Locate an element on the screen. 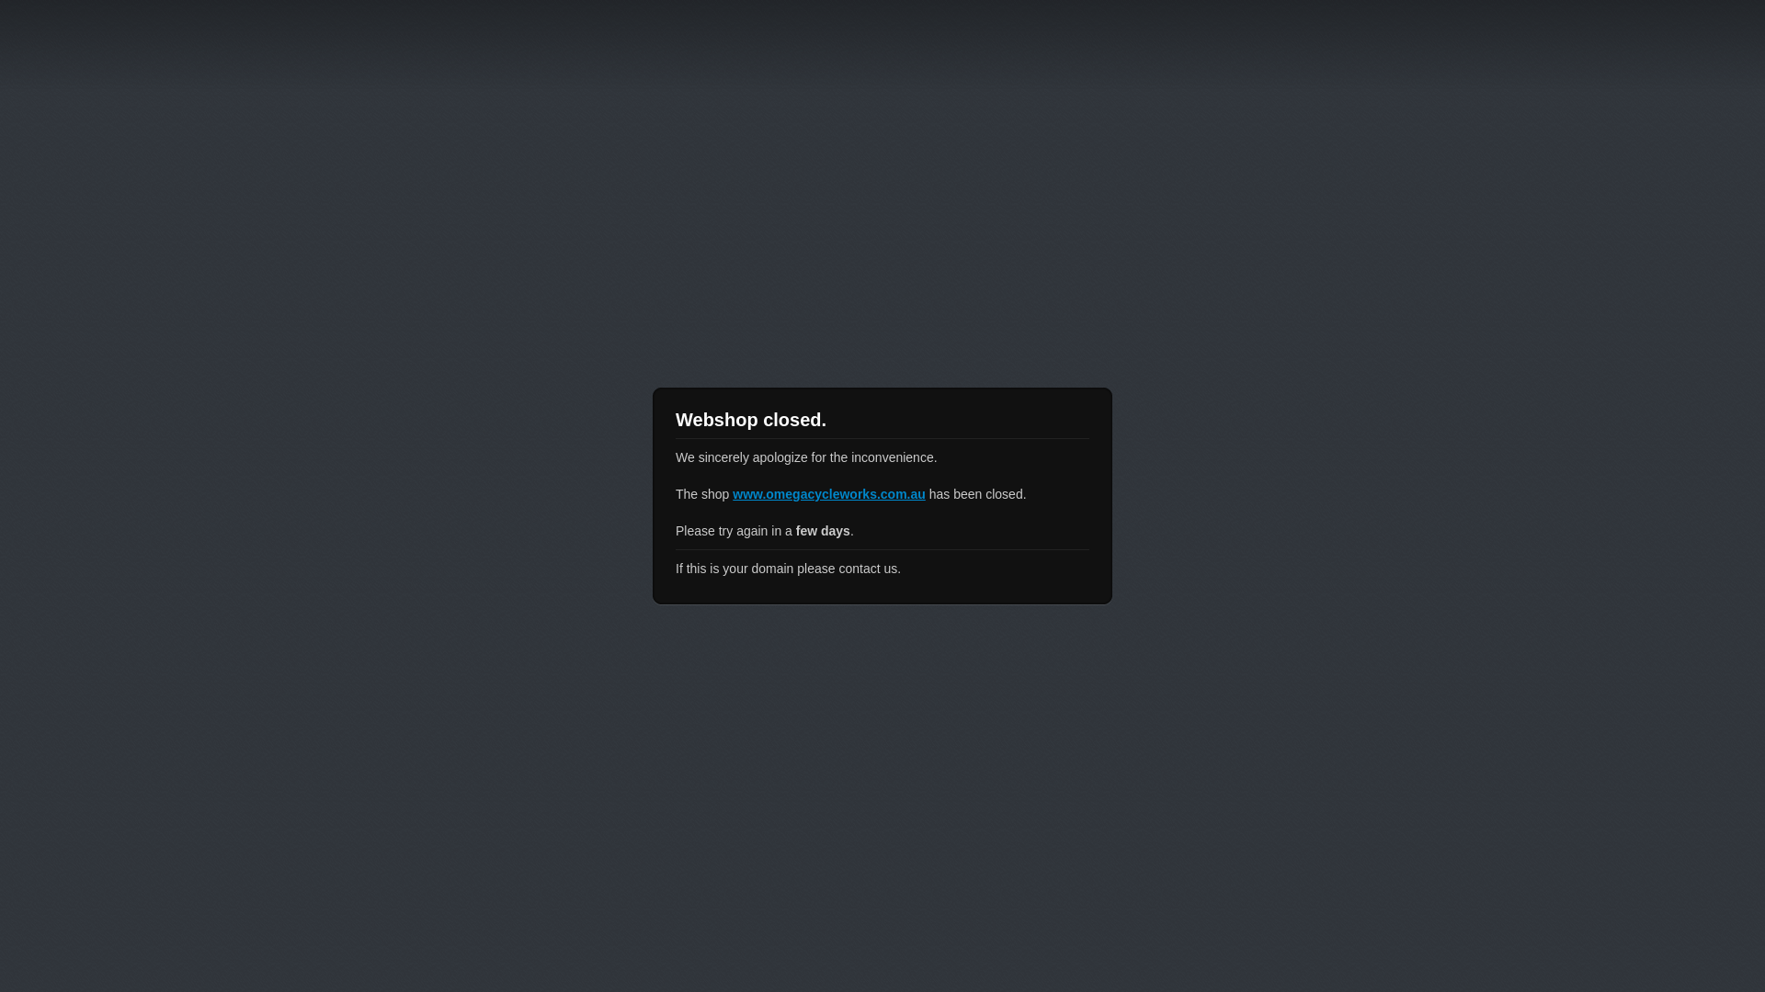 This screenshot has width=1765, height=992. 'www.omegacycleworks.com.au' is located at coordinates (828, 492).